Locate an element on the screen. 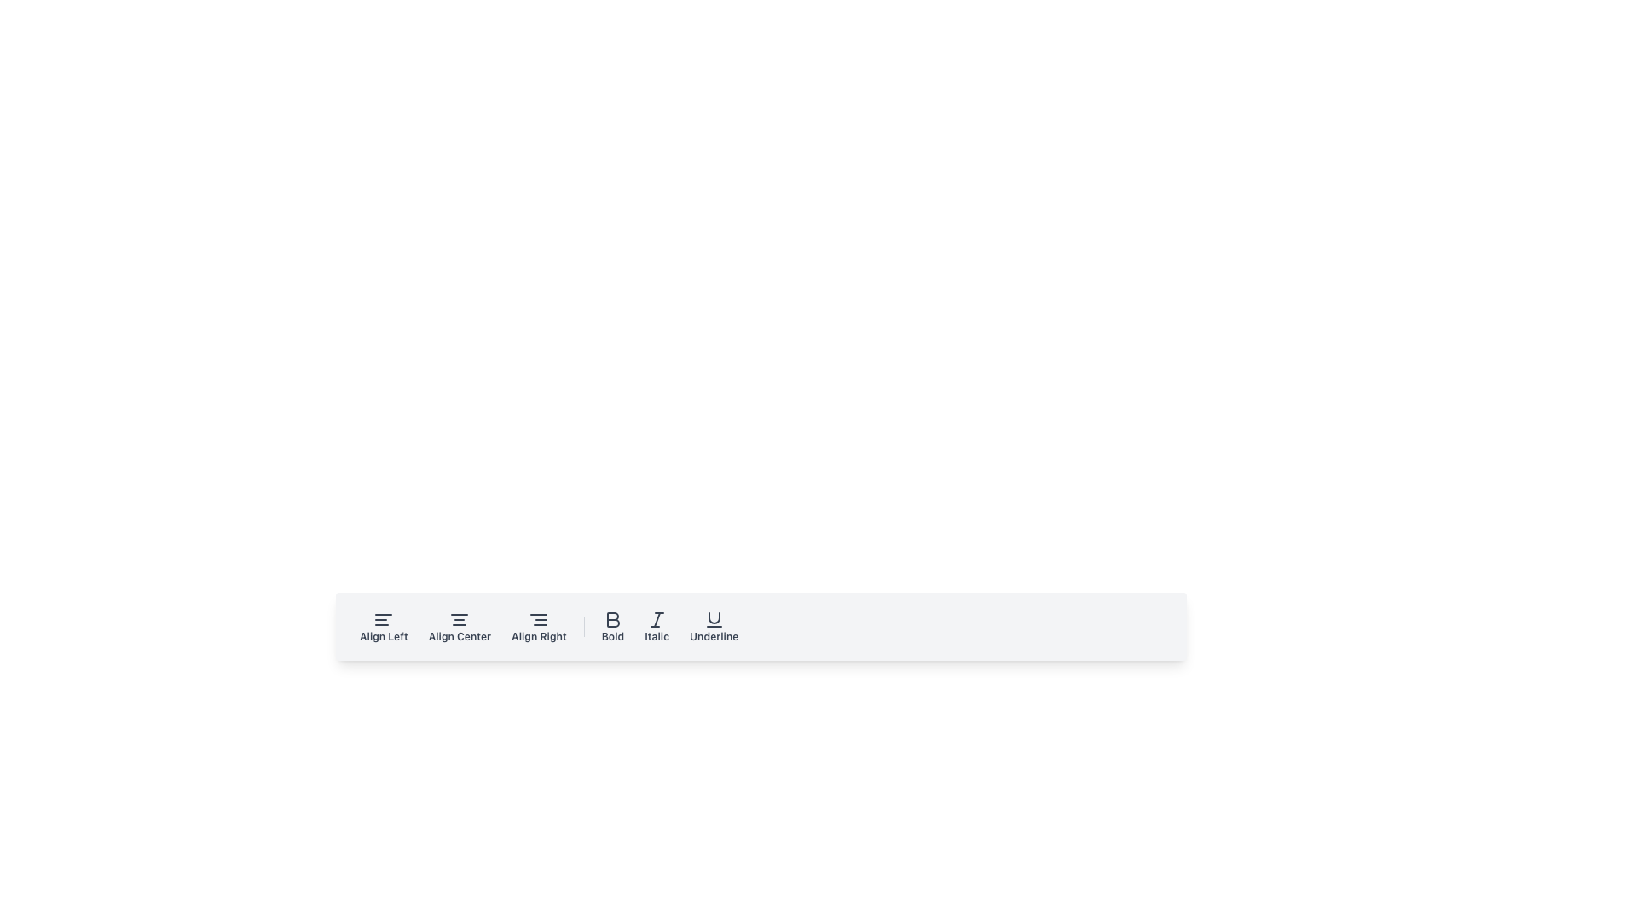  the italic button located in the toolbar is located at coordinates (656, 627).